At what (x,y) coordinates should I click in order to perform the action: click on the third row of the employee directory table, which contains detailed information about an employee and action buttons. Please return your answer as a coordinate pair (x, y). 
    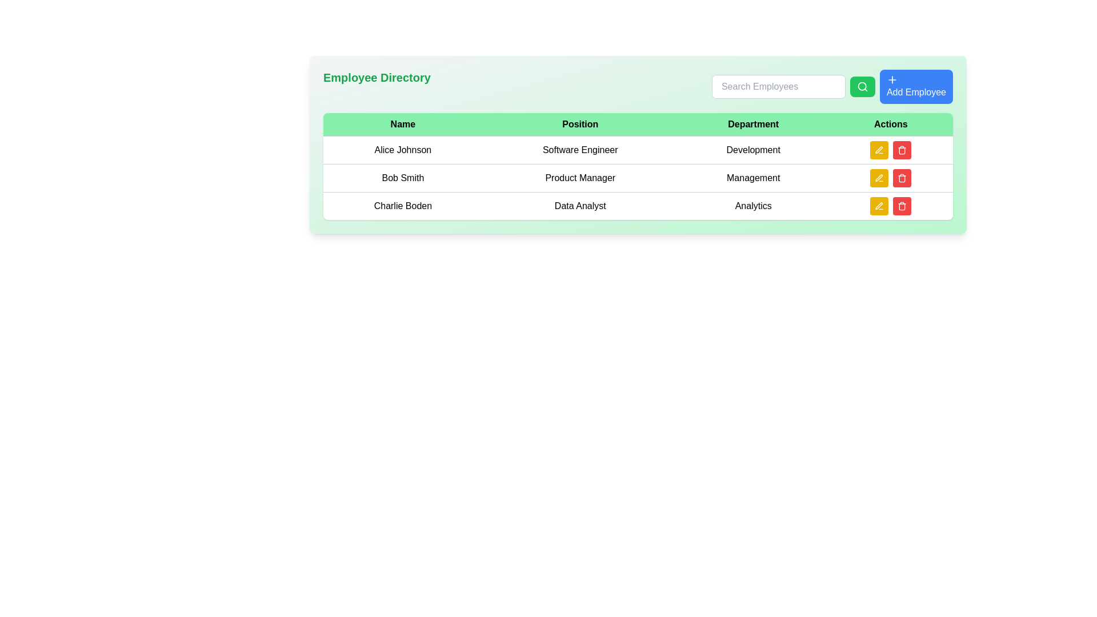
    Looking at the image, I should click on (638, 205).